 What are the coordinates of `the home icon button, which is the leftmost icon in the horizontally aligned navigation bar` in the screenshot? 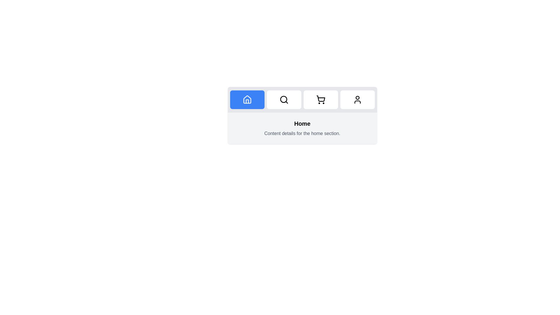 It's located at (247, 99).